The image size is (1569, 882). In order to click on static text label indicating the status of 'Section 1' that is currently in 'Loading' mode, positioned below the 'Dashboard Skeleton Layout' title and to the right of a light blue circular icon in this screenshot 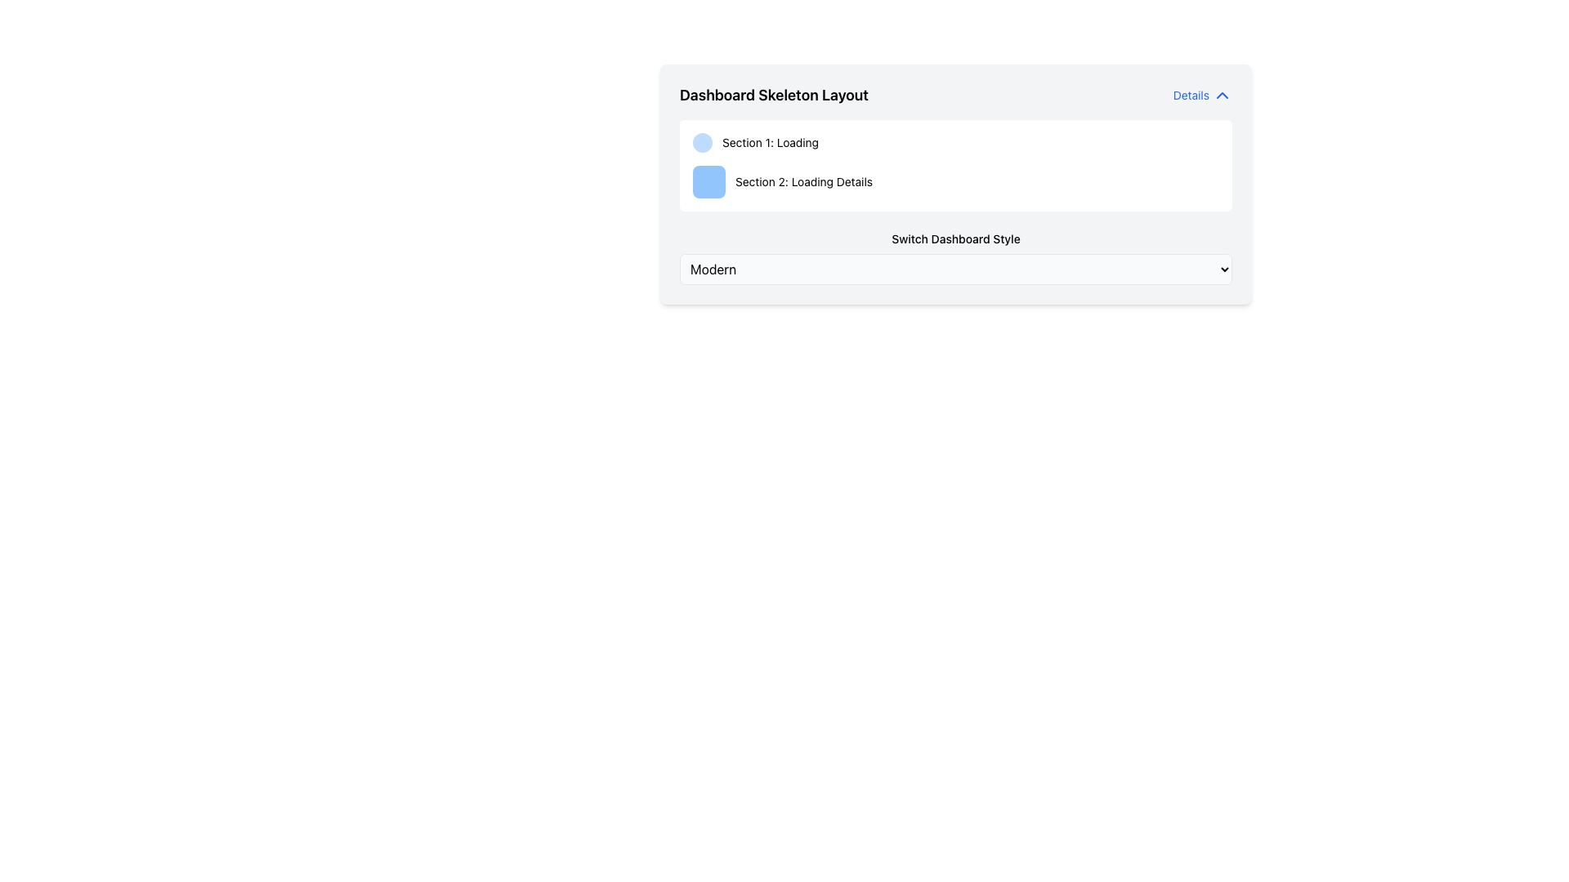, I will do `click(770, 141)`.